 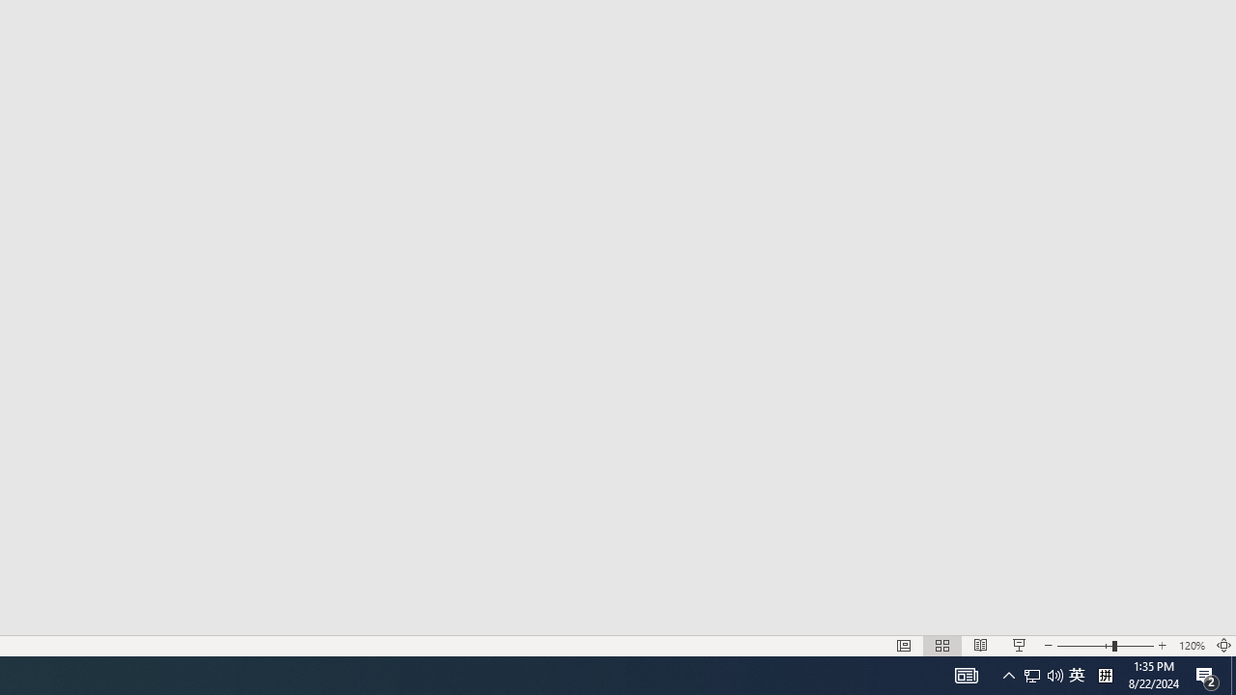 What do you see at coordinates (1105, 646) in the screenshot?
I see `'Zoom'` at bounding box center [1105, 646].